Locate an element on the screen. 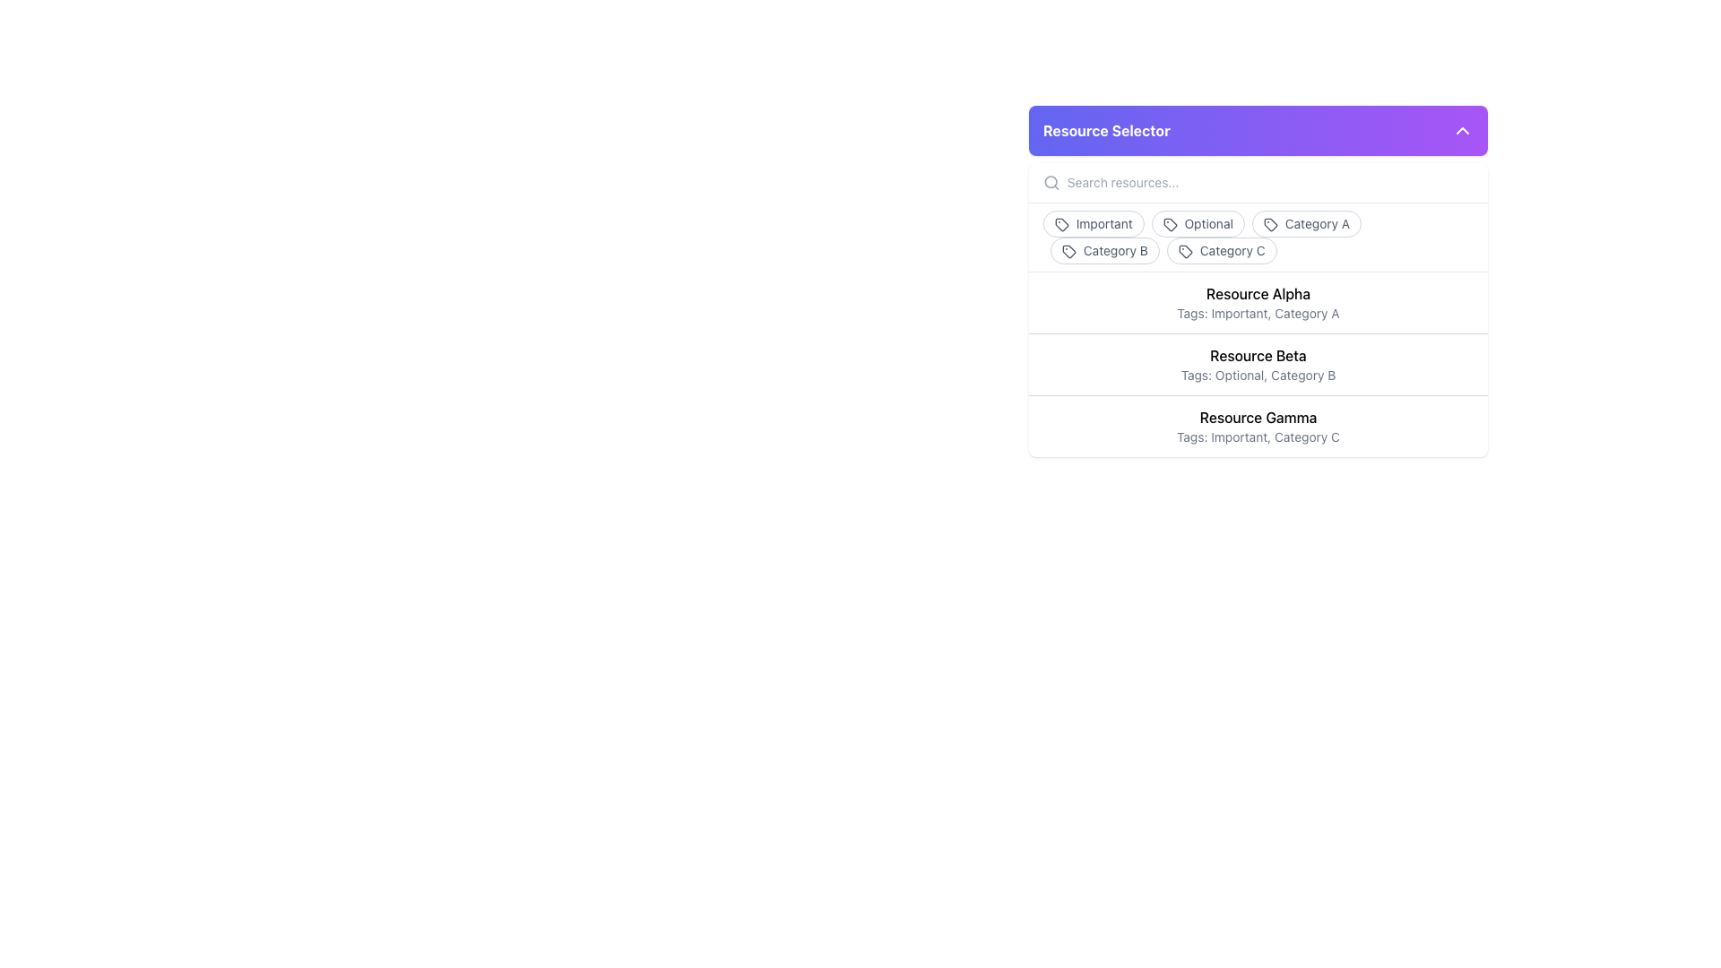  the non-interactive text label that provides categorical and priority information about the 'Resource Gamma' item, located at the center of the lower portion of the card module labeled 'Resource Gamma' is located at coordinates (1257, 437).